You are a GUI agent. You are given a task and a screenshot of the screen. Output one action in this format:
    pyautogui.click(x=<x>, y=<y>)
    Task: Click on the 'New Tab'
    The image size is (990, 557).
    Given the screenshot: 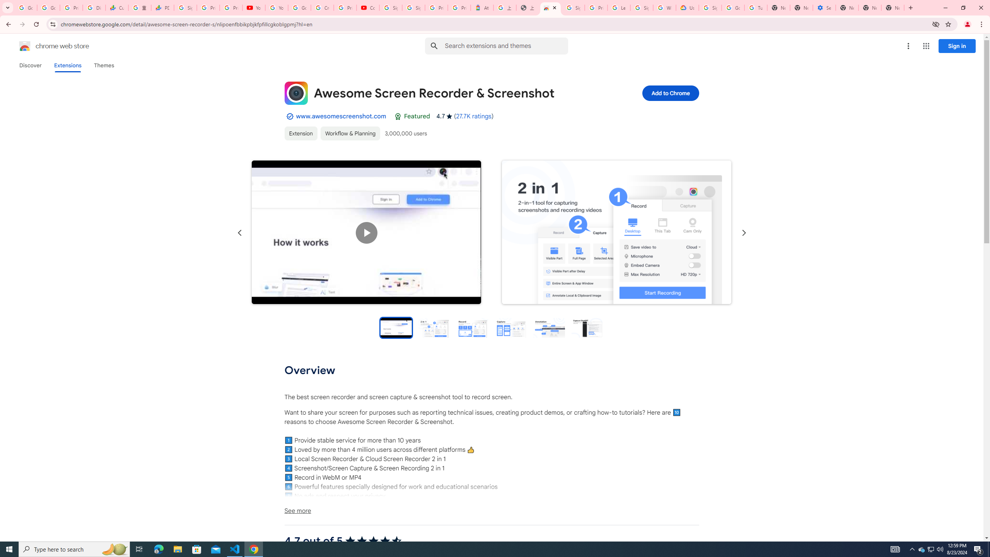 What is the action you would take?
    pyautogui.click(x=893, y=7)
    